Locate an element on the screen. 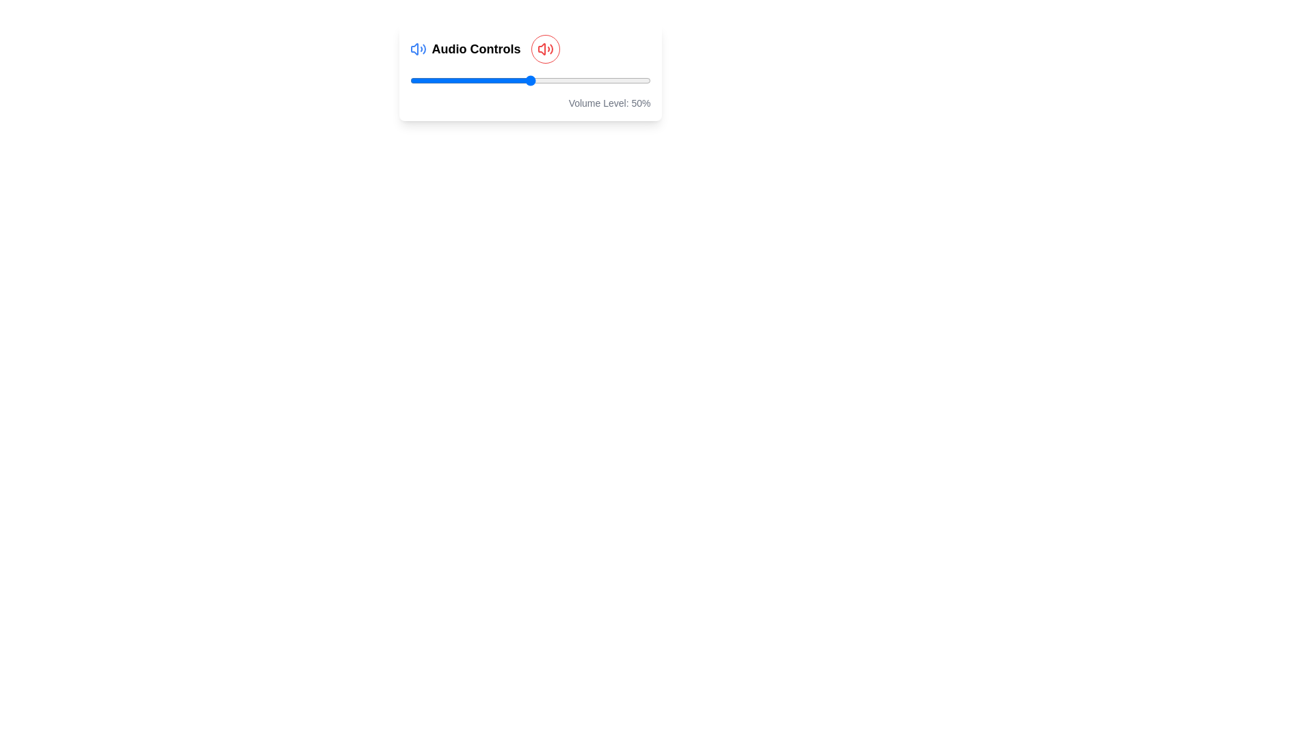 This screenshot has width=1313, height=739. the volume slider to 12% by dragging the slider to the corresponding position is located at coordinates (438, 81).